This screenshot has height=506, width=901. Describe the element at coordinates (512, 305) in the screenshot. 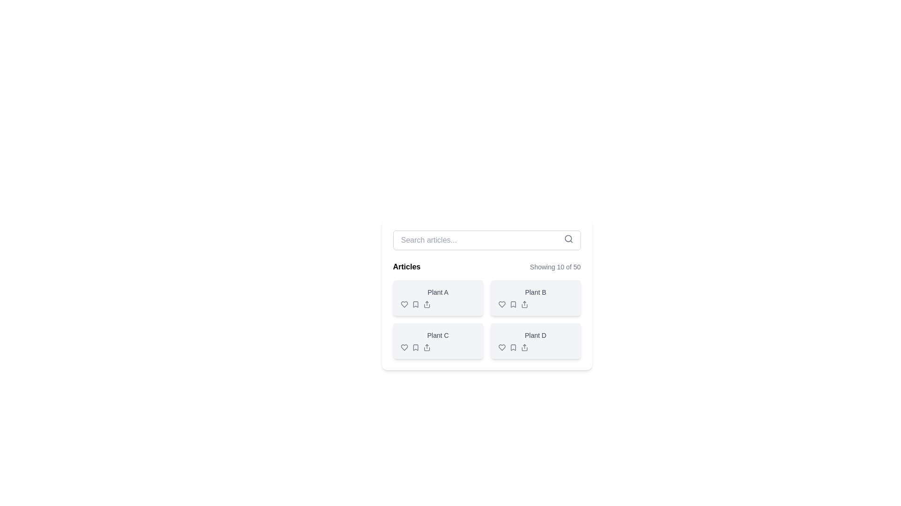

I see `the bookmark icon, which is the second icon under the 'Plant B' card in the article grid` at that location.